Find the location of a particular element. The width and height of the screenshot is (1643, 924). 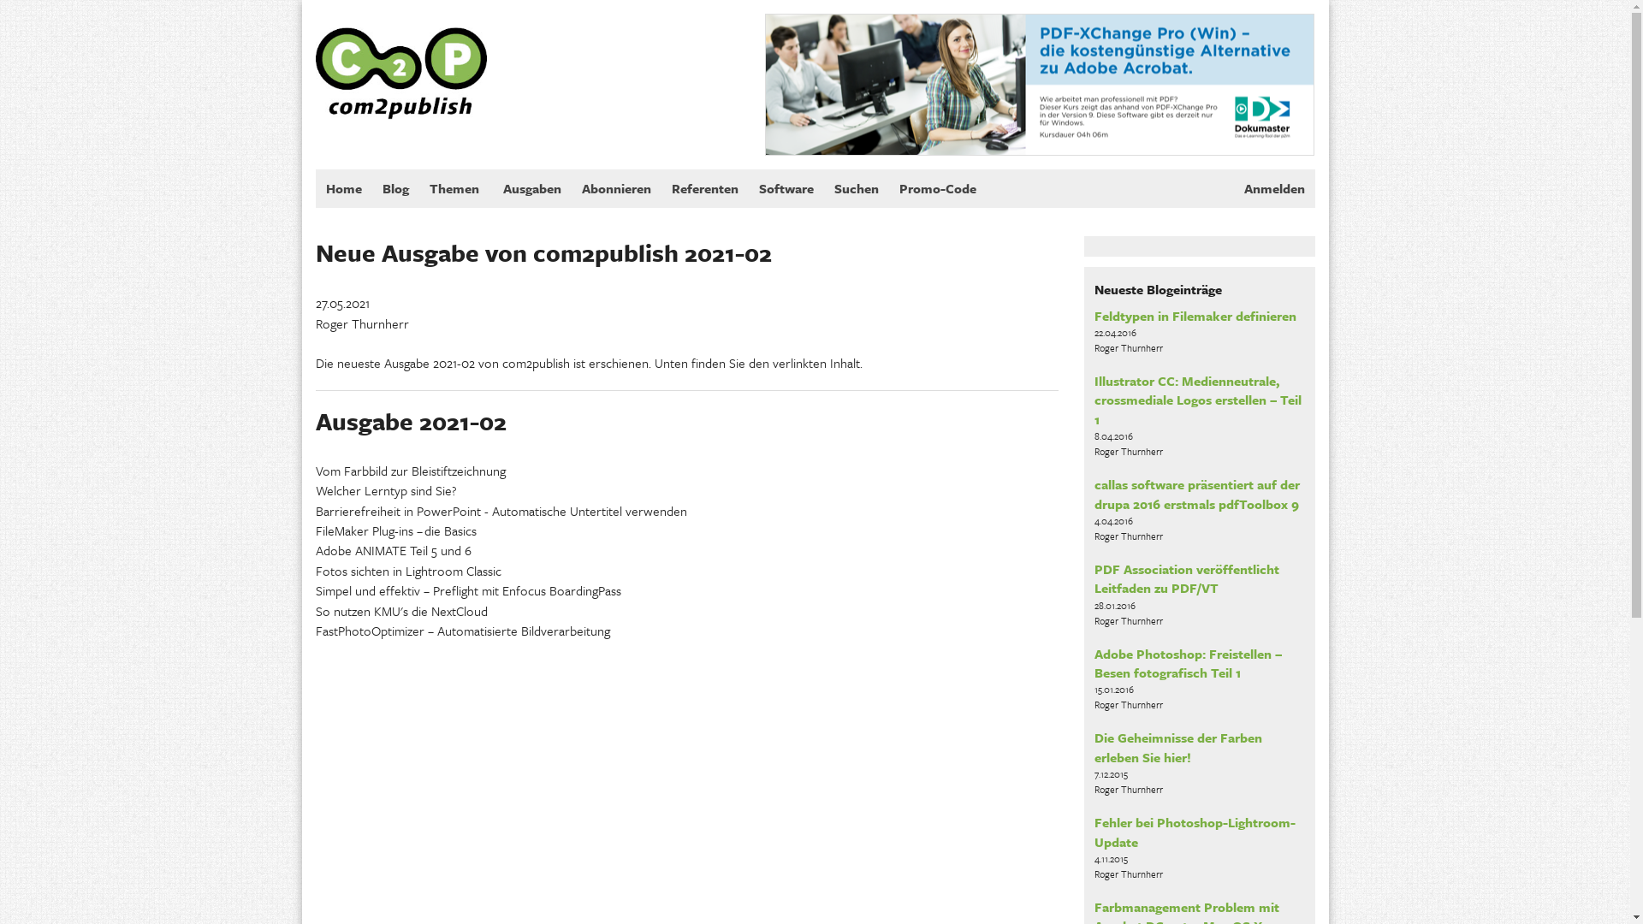

'Themen' is located at coordinates (455, 188).